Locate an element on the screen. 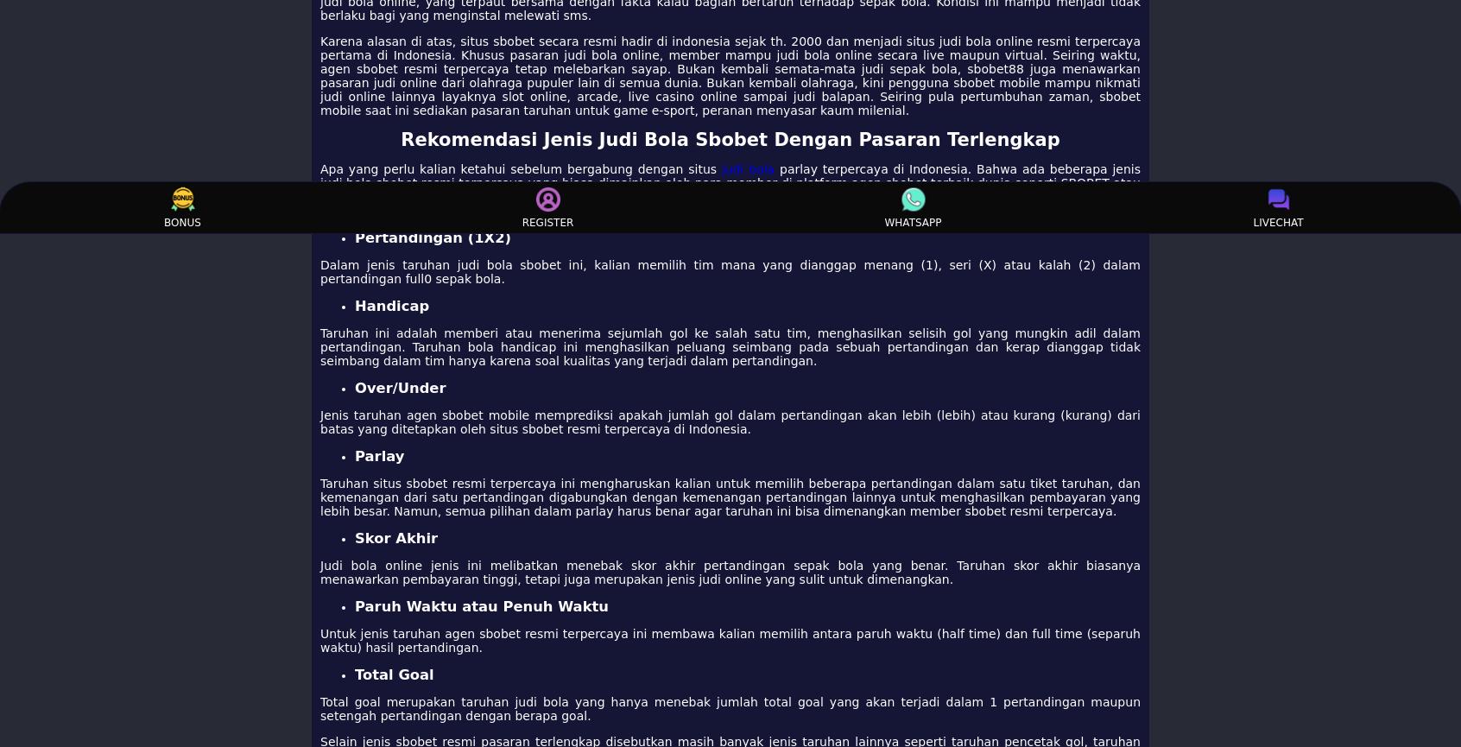  'Total goal merupakan taruhan judi bola yang hanya menebak jumlah total goal yang akan terjadi dalam 1 pertandingan maupun setengah pertandingan dengan berapa goal.' is located at coordinates (730, 707).